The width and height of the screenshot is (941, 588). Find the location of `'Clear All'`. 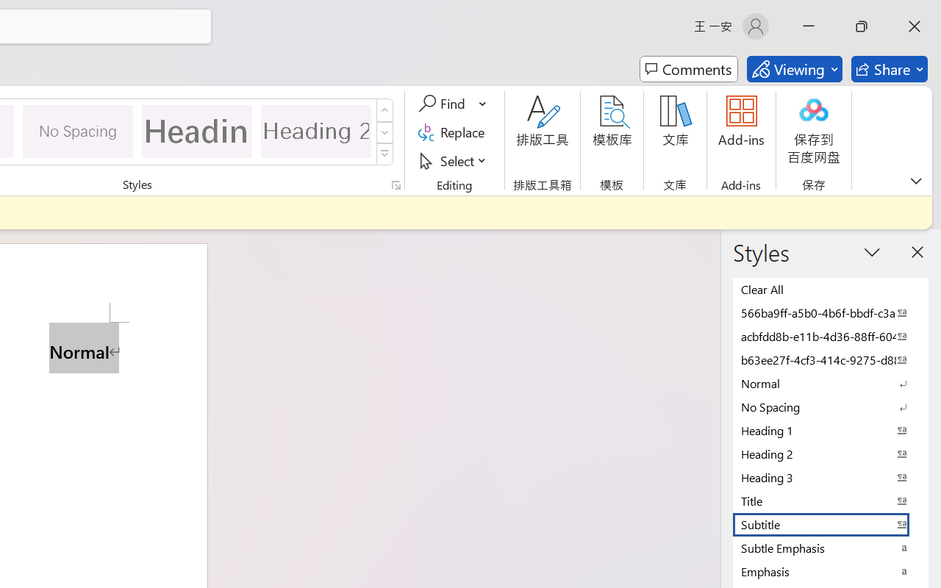

'Clear All' is located at coordinates (831, 288).